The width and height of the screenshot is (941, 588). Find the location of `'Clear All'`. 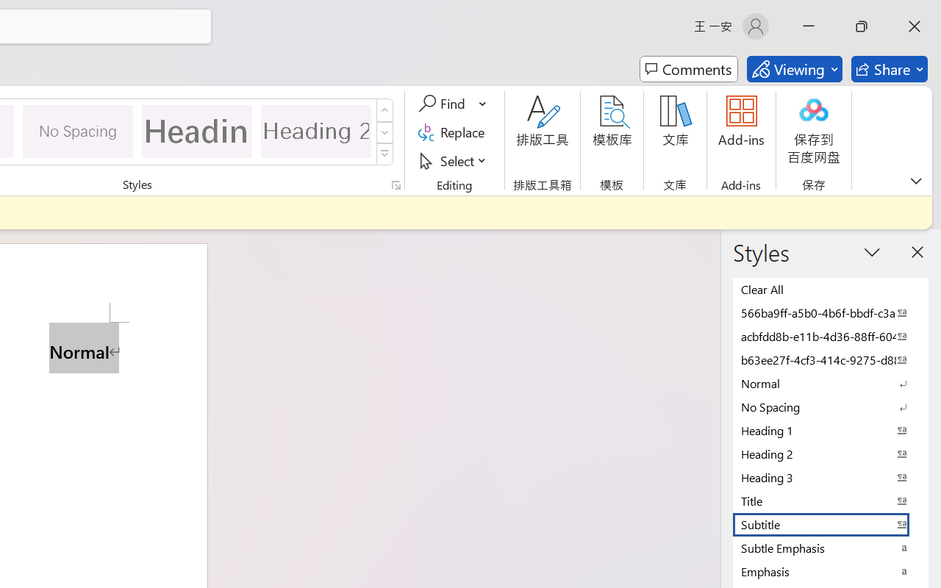

'Clear All' is located at coordinates (831, 288).